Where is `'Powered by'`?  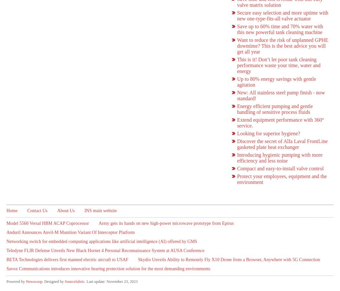
'Powered by' is located at coordinates (16, 282).